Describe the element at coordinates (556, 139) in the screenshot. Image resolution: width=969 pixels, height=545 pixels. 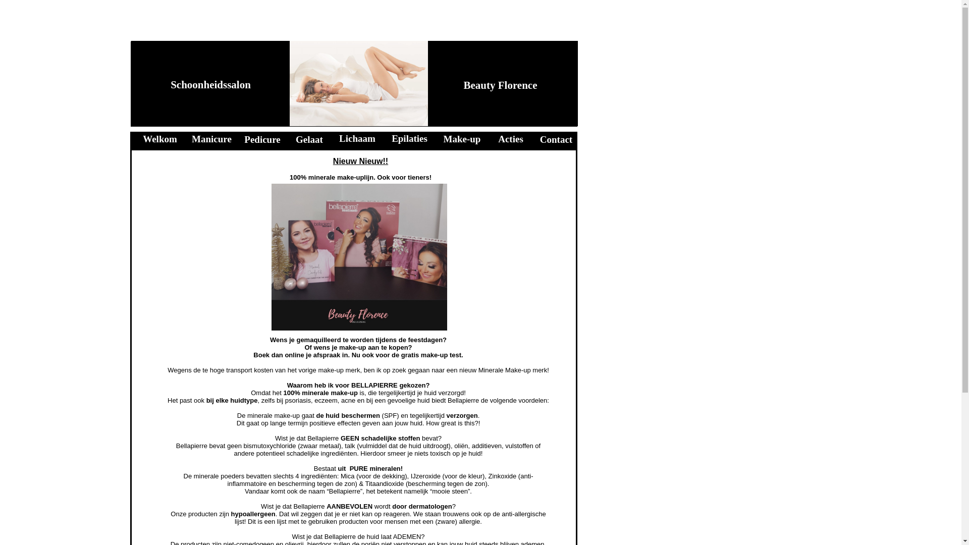
I see `'Contact'` at that location.